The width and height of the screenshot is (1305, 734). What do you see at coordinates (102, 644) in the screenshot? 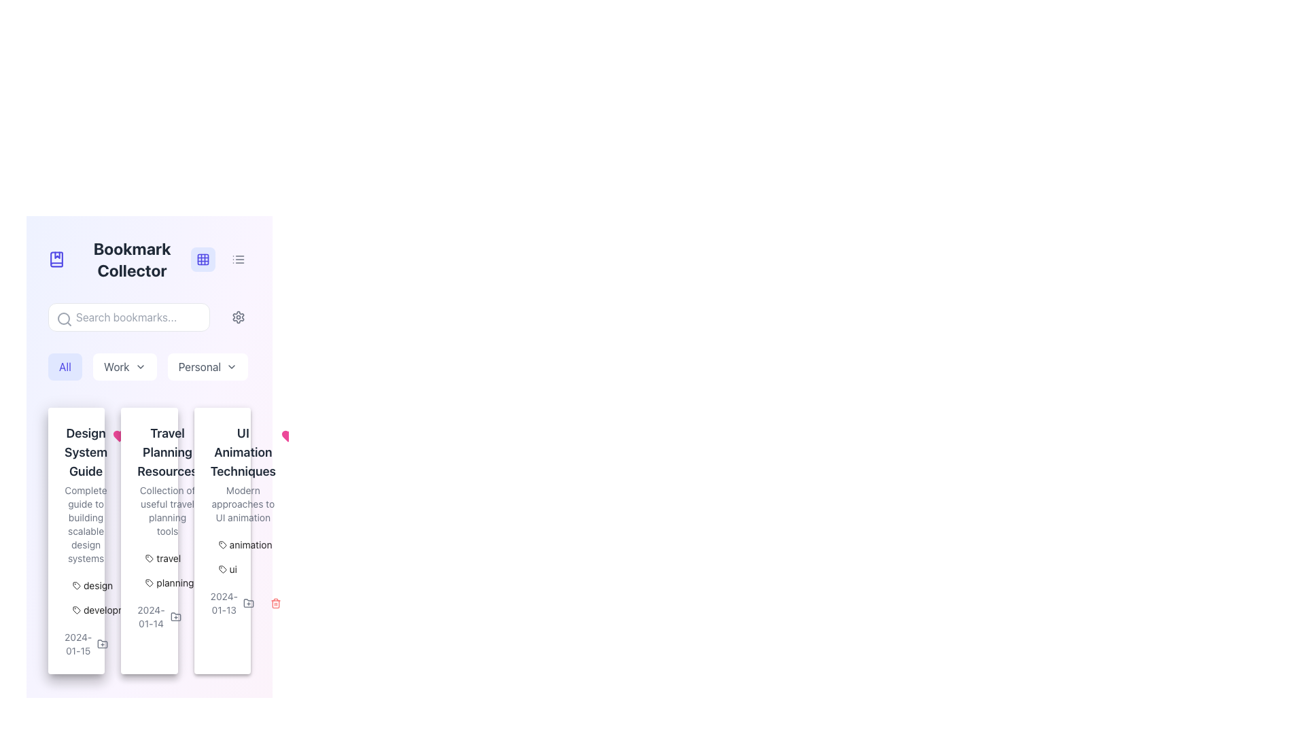
I see `the icon button styled as a small folder with a plus sign` at bounding box center [102, 644].